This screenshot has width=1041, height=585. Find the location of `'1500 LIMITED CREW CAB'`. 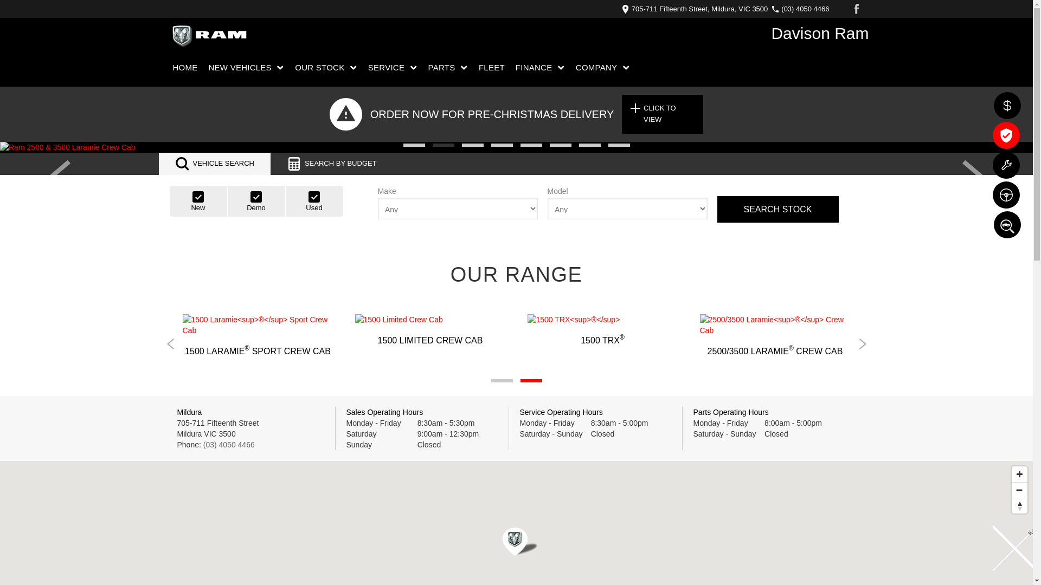

'1500 LIMITED CREW CAB' is located at coordinates (429, 329).